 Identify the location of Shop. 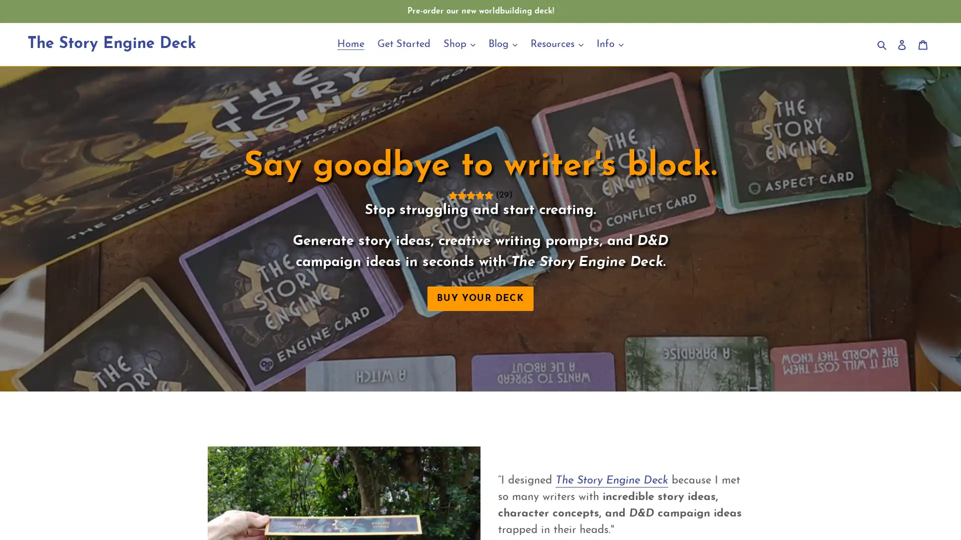
(458, 43).